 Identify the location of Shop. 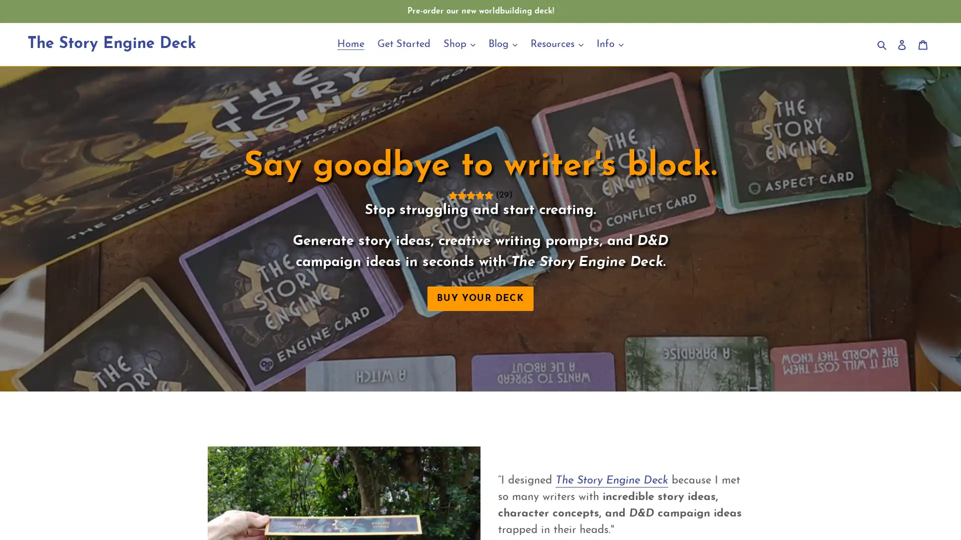
(458, 43).